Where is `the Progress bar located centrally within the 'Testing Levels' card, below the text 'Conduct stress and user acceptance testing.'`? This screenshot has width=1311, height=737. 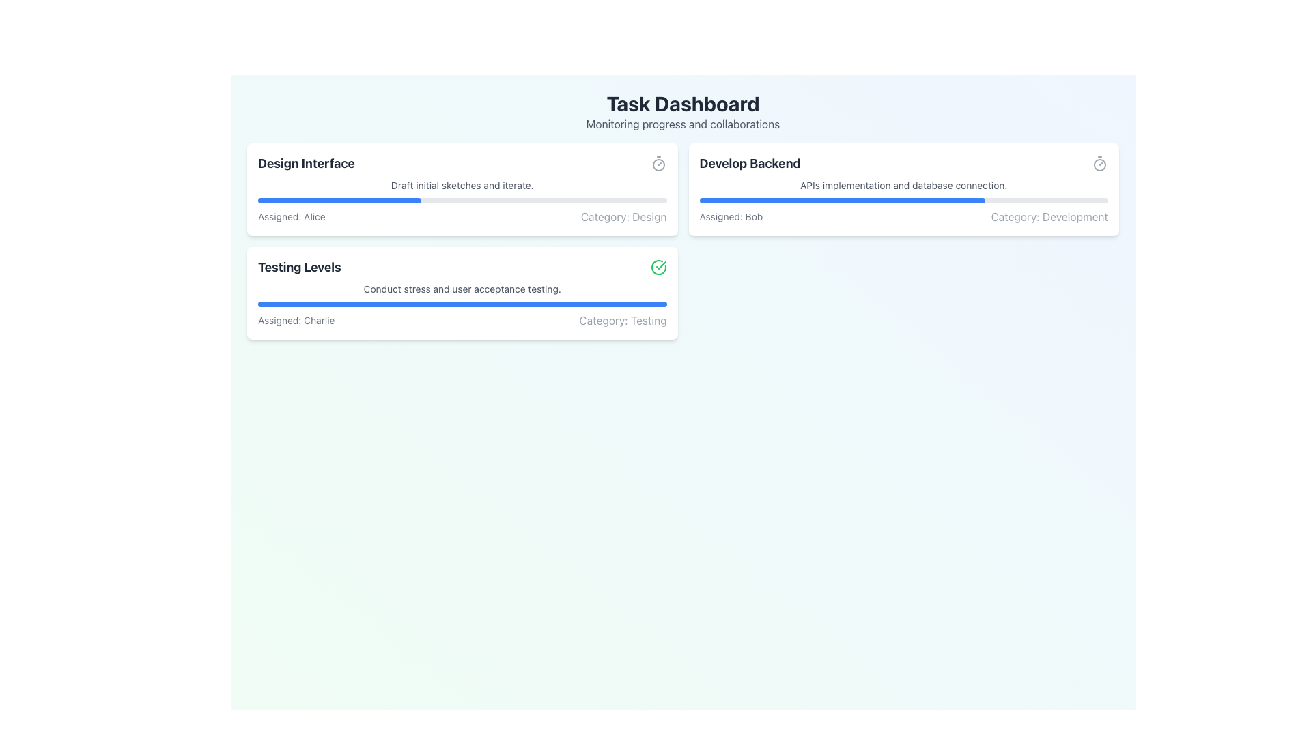
the Progress bar located centrally within the 'Testing Levels' card, below the text 'Conduct stress and user acceptance testing.' is located at coordinates (462, 304).